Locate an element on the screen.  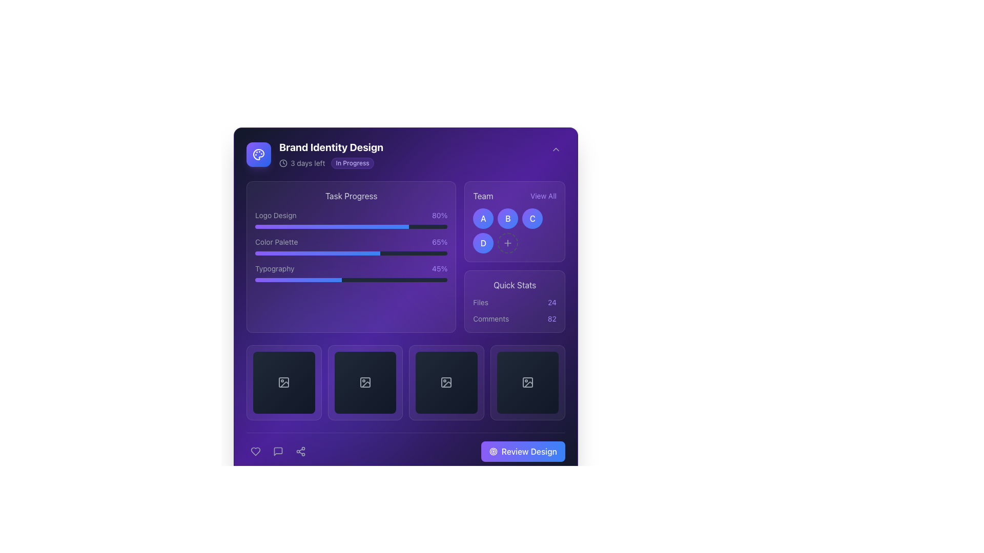
the text block with embedded status indicator to select it for editing or interaction is located at coordinates (331, 154).